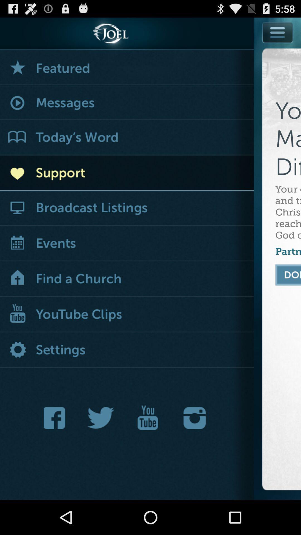  I want to click on the chat icon, so click(288, 294).